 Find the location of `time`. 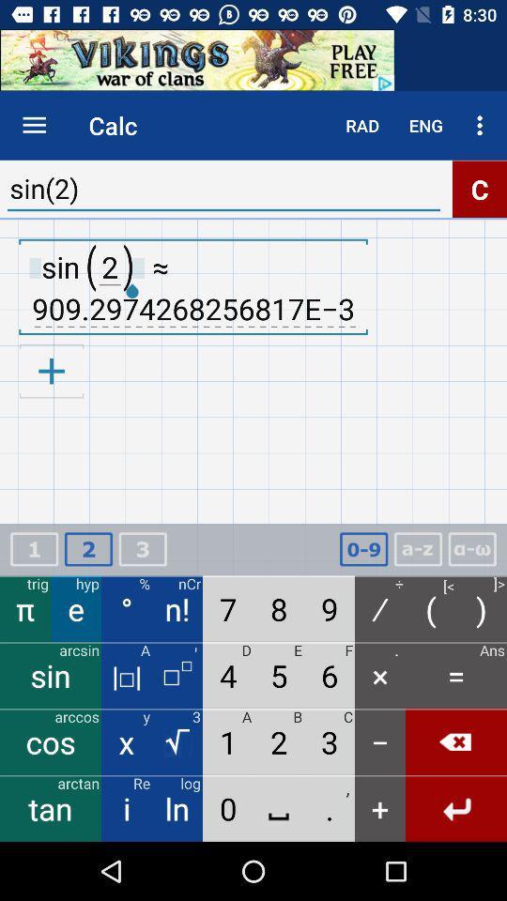

time is located at coordinates (363, 549).